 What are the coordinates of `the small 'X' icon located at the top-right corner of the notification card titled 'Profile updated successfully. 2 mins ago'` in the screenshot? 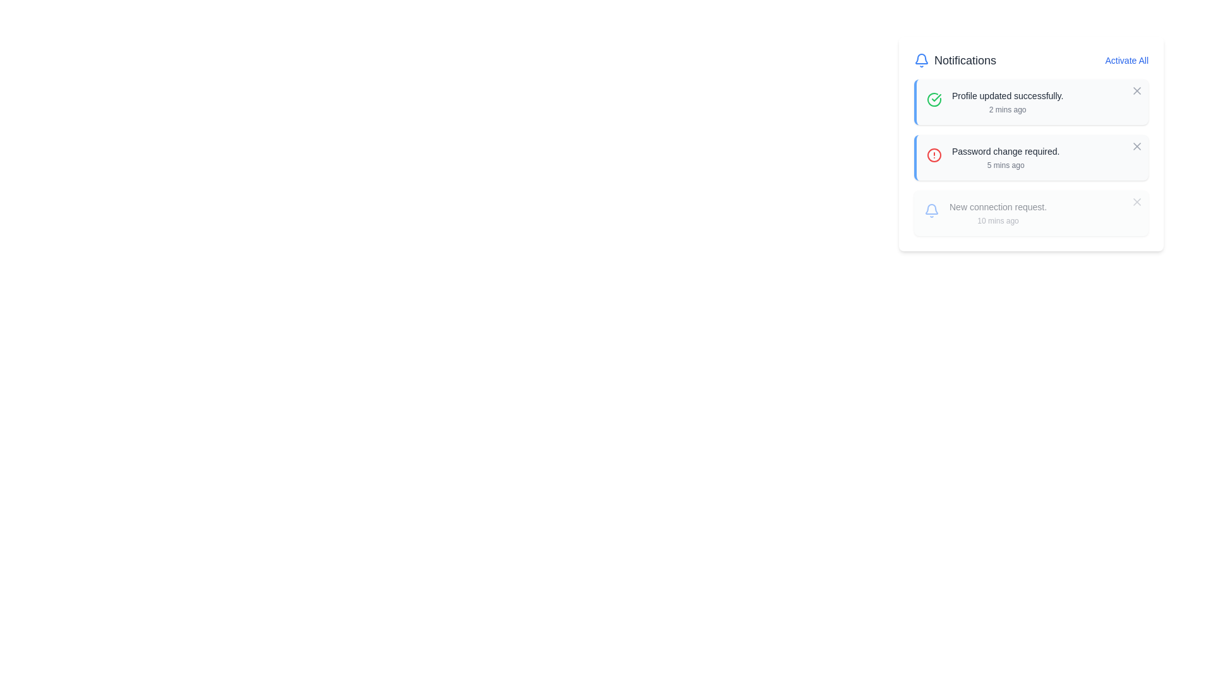 It's located at (1137, 90).